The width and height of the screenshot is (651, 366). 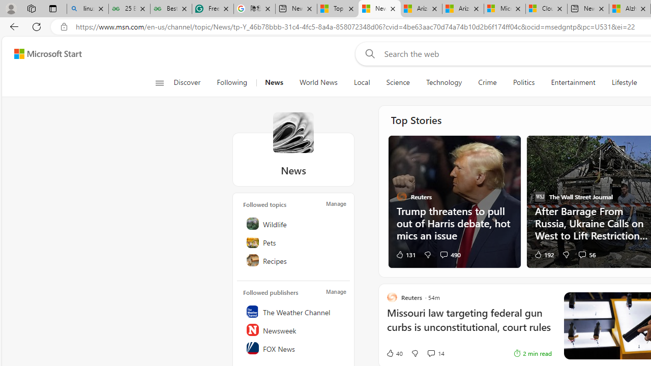 What do you see at coordinates (573, 82) in the screenshot?
I see `'Entertainment'` at bounding box center [573, 82].